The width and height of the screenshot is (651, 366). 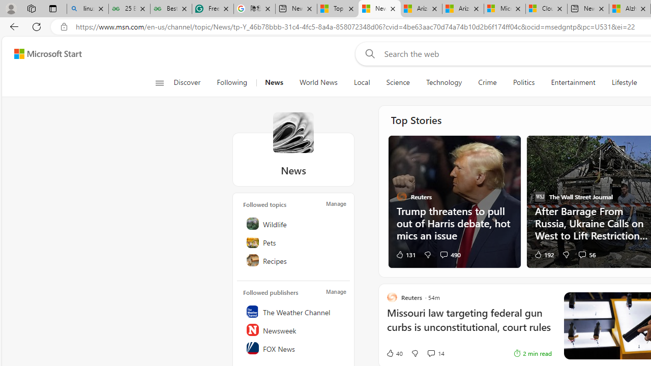 What do you see at coordinates (573, 82) in the screenshot?
I see `'Entertainment'` at bounding box center [573, 82].